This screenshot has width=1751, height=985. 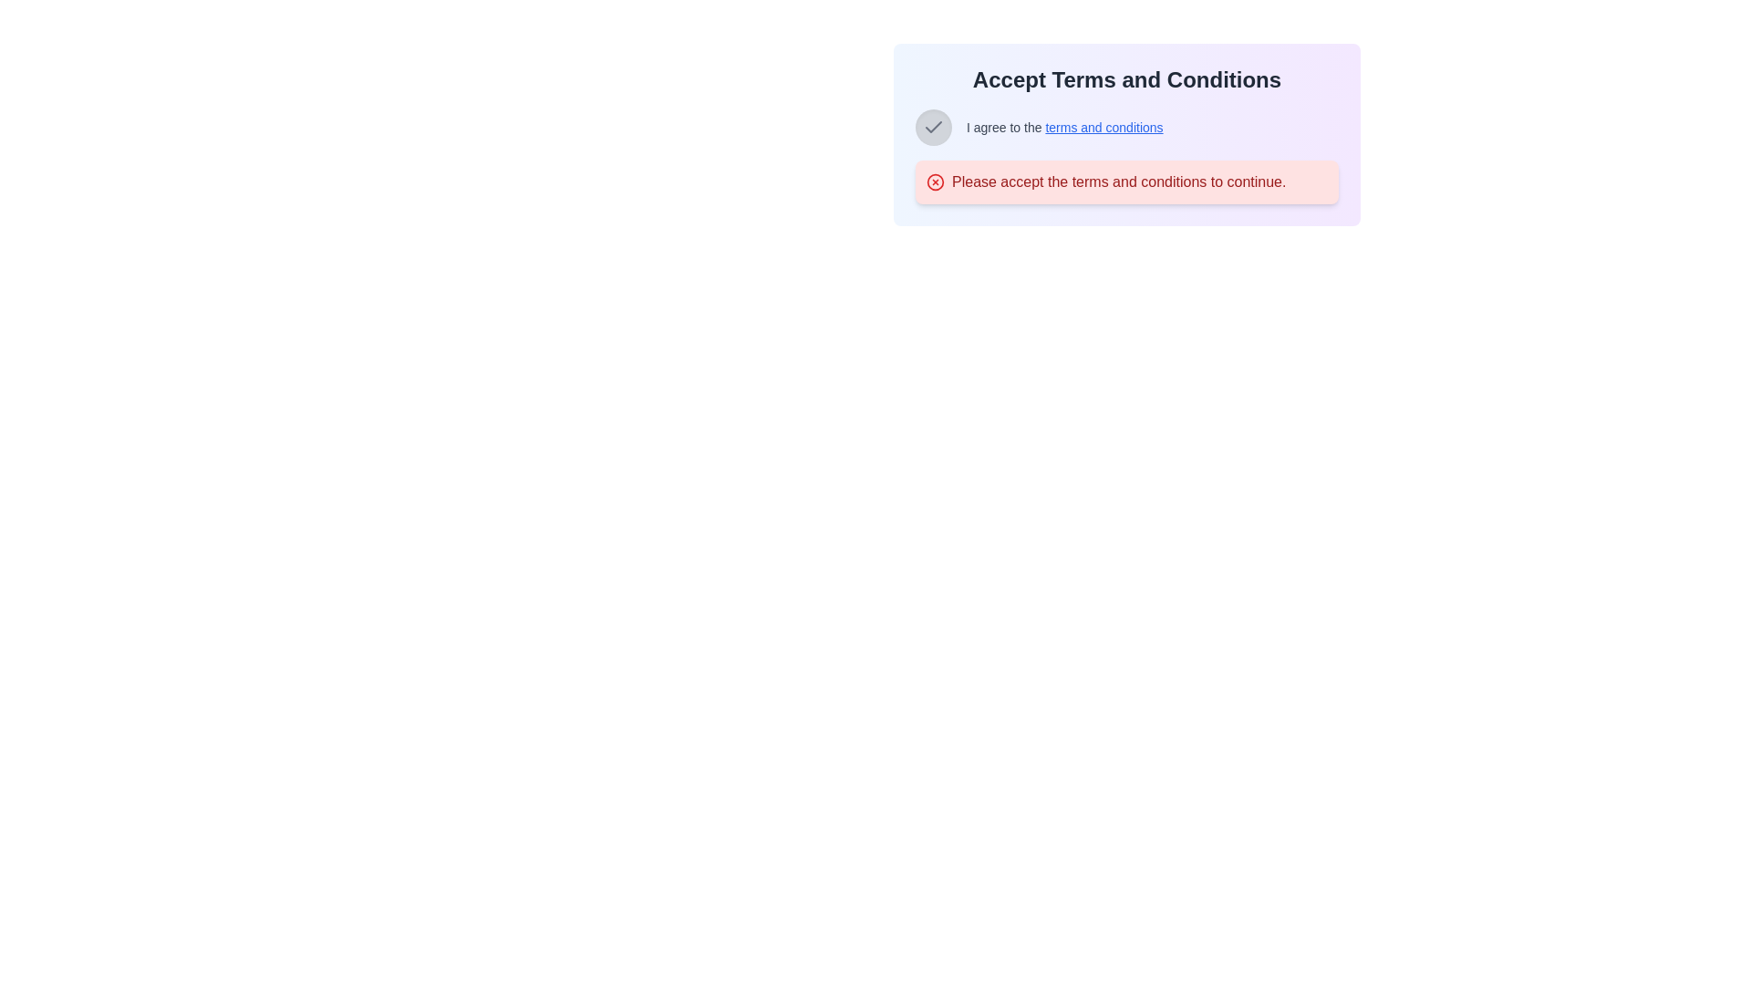 What do you see at coordinates (936, 182) in the screenshot?
I see `the error or warning icon located to the left of the error message, which serves as a visual indicator of an error or warning` at bounding box center [936, 182].